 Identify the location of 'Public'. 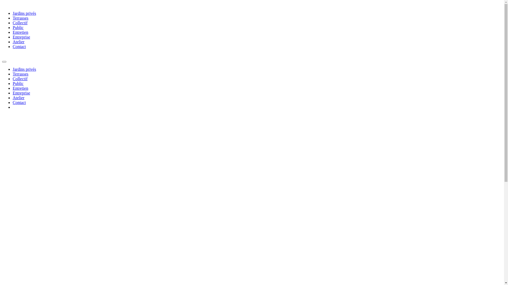
(18, 83).